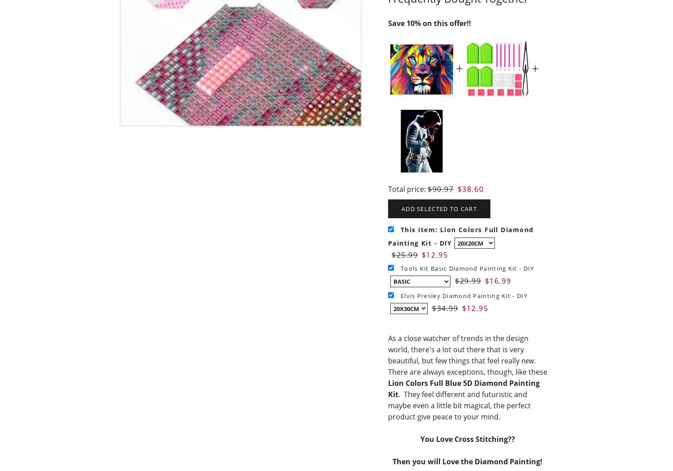 This screenshot has width=673, height=471. Describe the element at coordinates (468, 461) in the screenshot. I see `'Then you will Love the Diamond Painting!'` at that location.